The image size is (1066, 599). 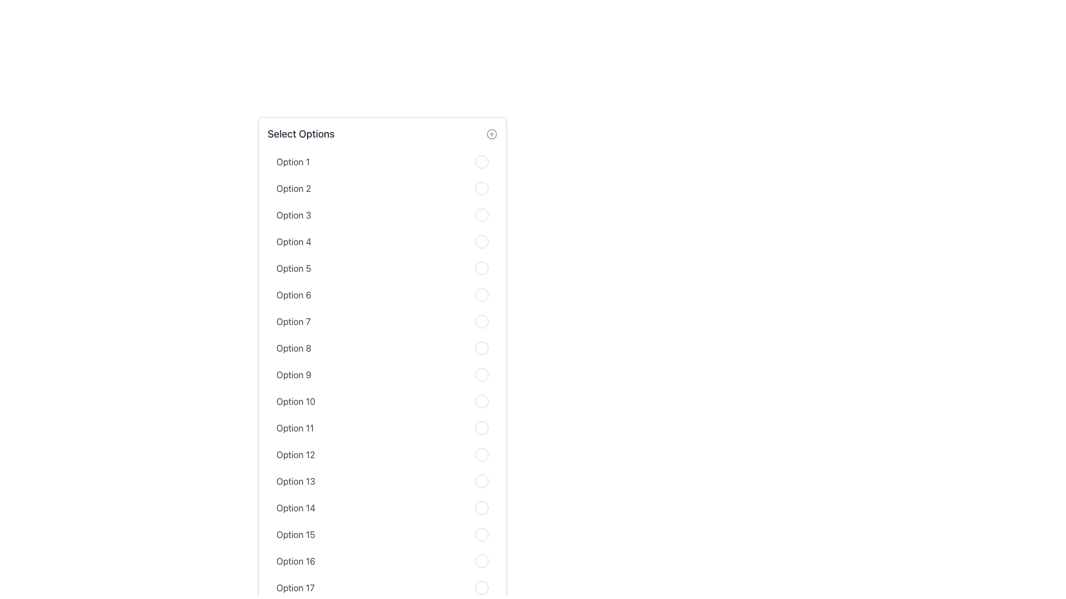 I want to click on the third selectable option in the vertical list, so click(x=383, y=215).